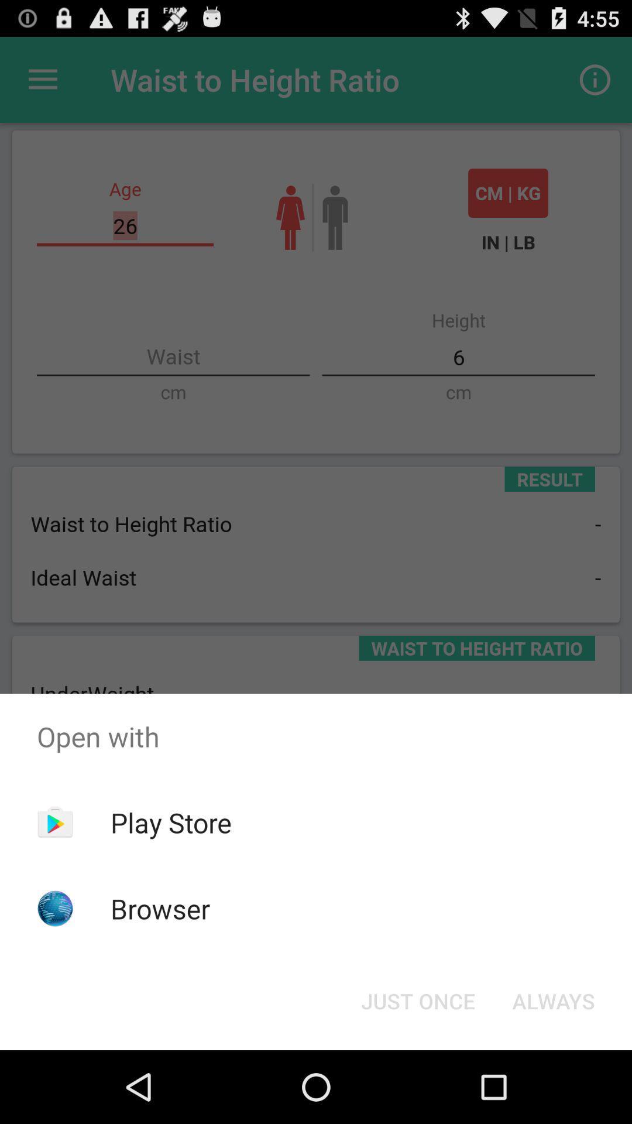  What do you see at coordinates (417, 1000) in the screenshot?
I see `item next to the always button` at bounding box center [417, 1000].